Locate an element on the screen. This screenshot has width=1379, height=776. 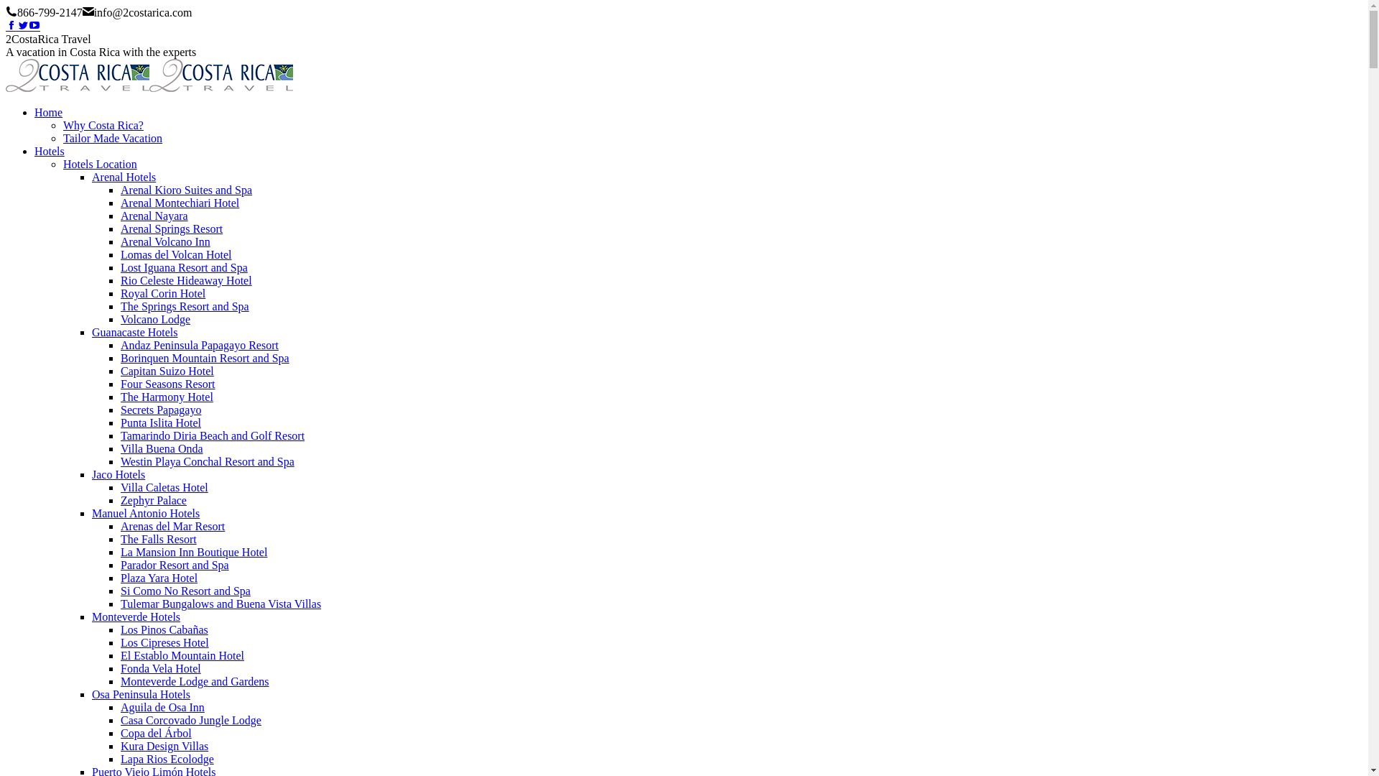
'Kura Design Villas' is located at coordinates (164, 745).